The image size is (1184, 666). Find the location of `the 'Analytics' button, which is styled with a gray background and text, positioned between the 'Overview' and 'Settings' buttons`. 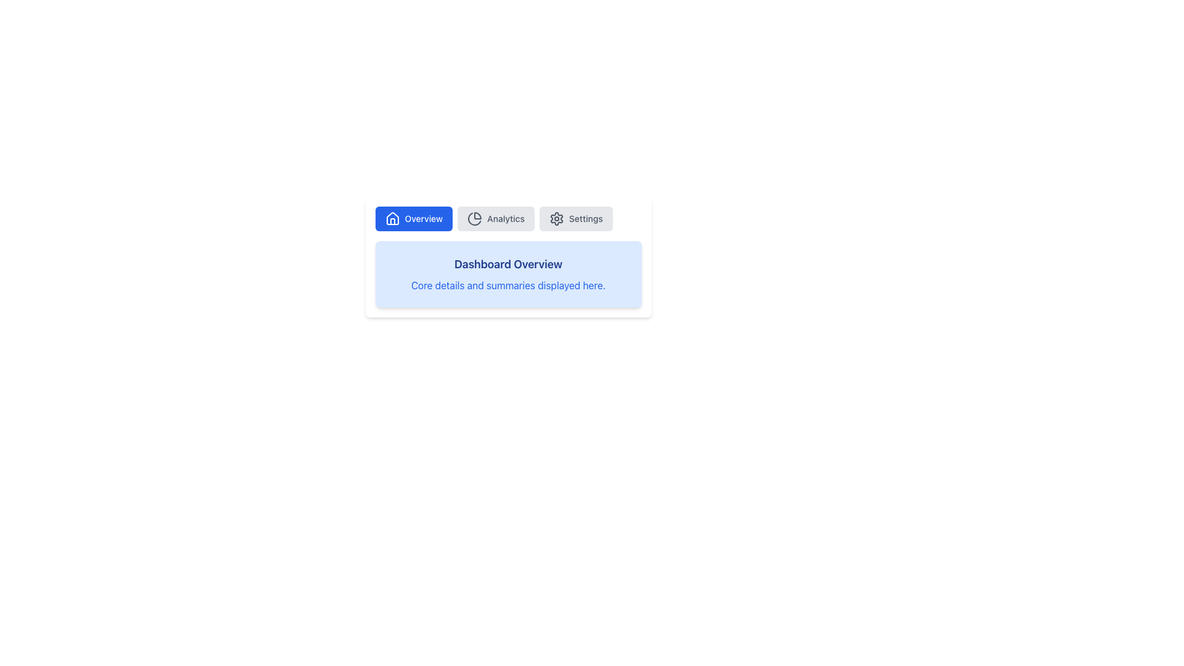

the 'Analytics' button, which is styled with a gray background and text, positioned between the 'Overview' and 'Settings' buttons is located at coordinates (508, 218).